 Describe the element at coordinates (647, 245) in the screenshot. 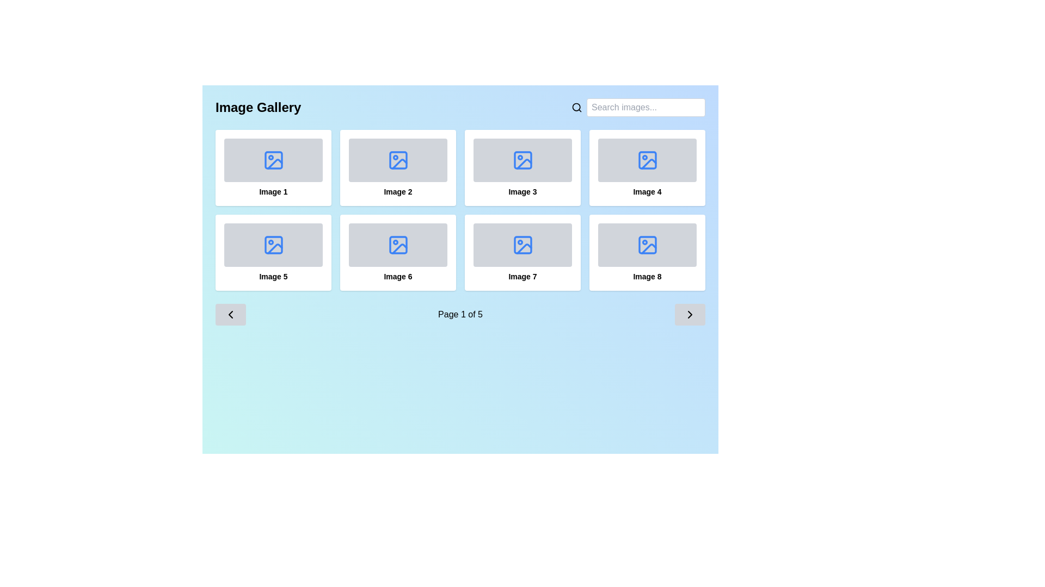

I see `the blue-colored image placeholder icon located at the bottom-right of the grid layout` at that location.